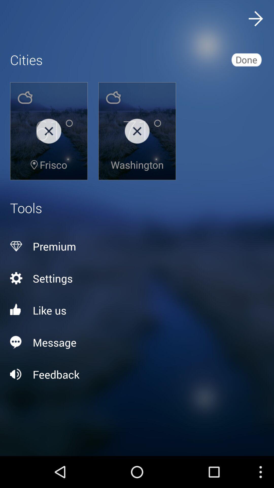 Image resolution: width=274 pixels, height=488 pixels. What do you see at coordinates (137, 310) in the screenshot?
I see `the item above message` at bounding box center [137, 310].